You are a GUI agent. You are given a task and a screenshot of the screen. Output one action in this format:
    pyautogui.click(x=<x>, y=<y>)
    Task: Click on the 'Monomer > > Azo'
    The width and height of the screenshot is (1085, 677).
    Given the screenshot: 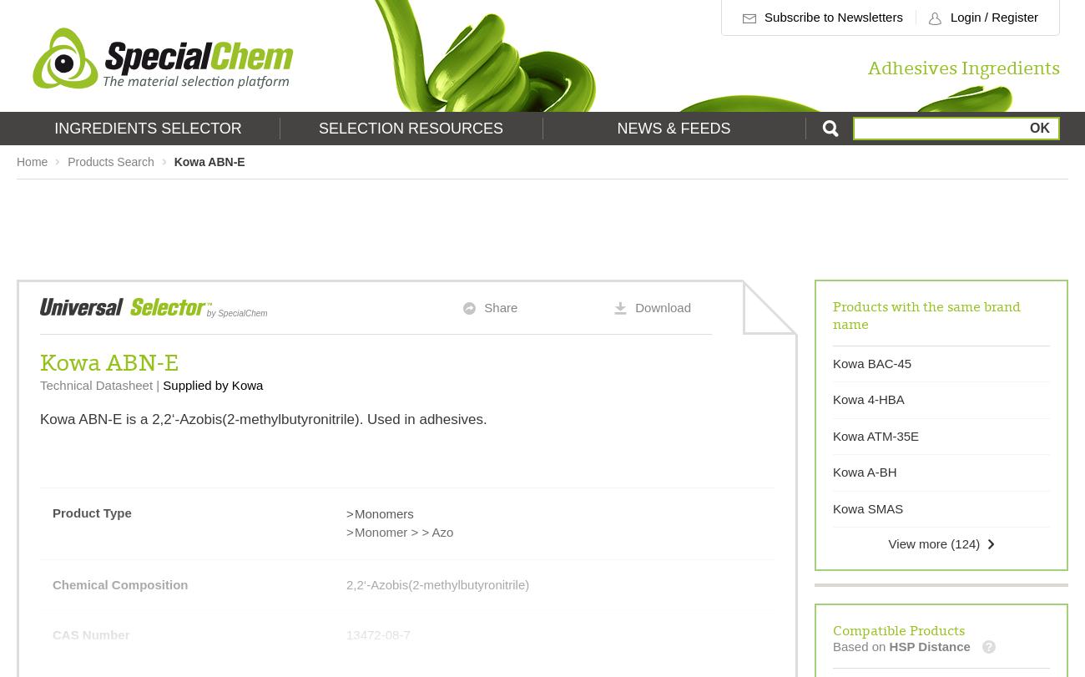 What is the action you would take?
    pyautogui.click(x=402, y=531)
    